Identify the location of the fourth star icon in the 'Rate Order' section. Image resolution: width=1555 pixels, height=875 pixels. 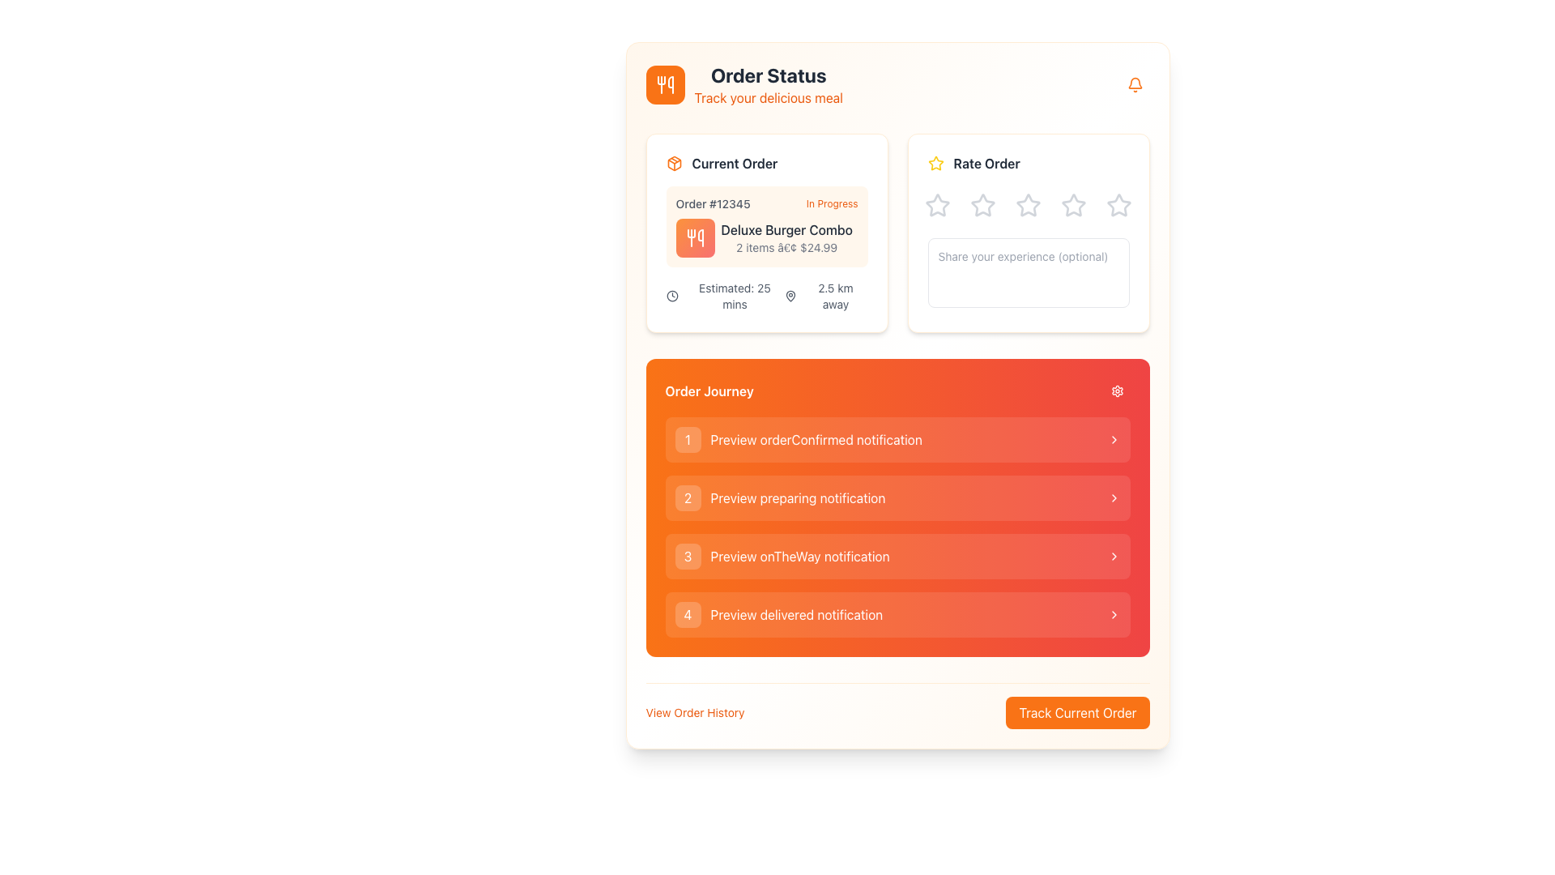
(1073, 205).